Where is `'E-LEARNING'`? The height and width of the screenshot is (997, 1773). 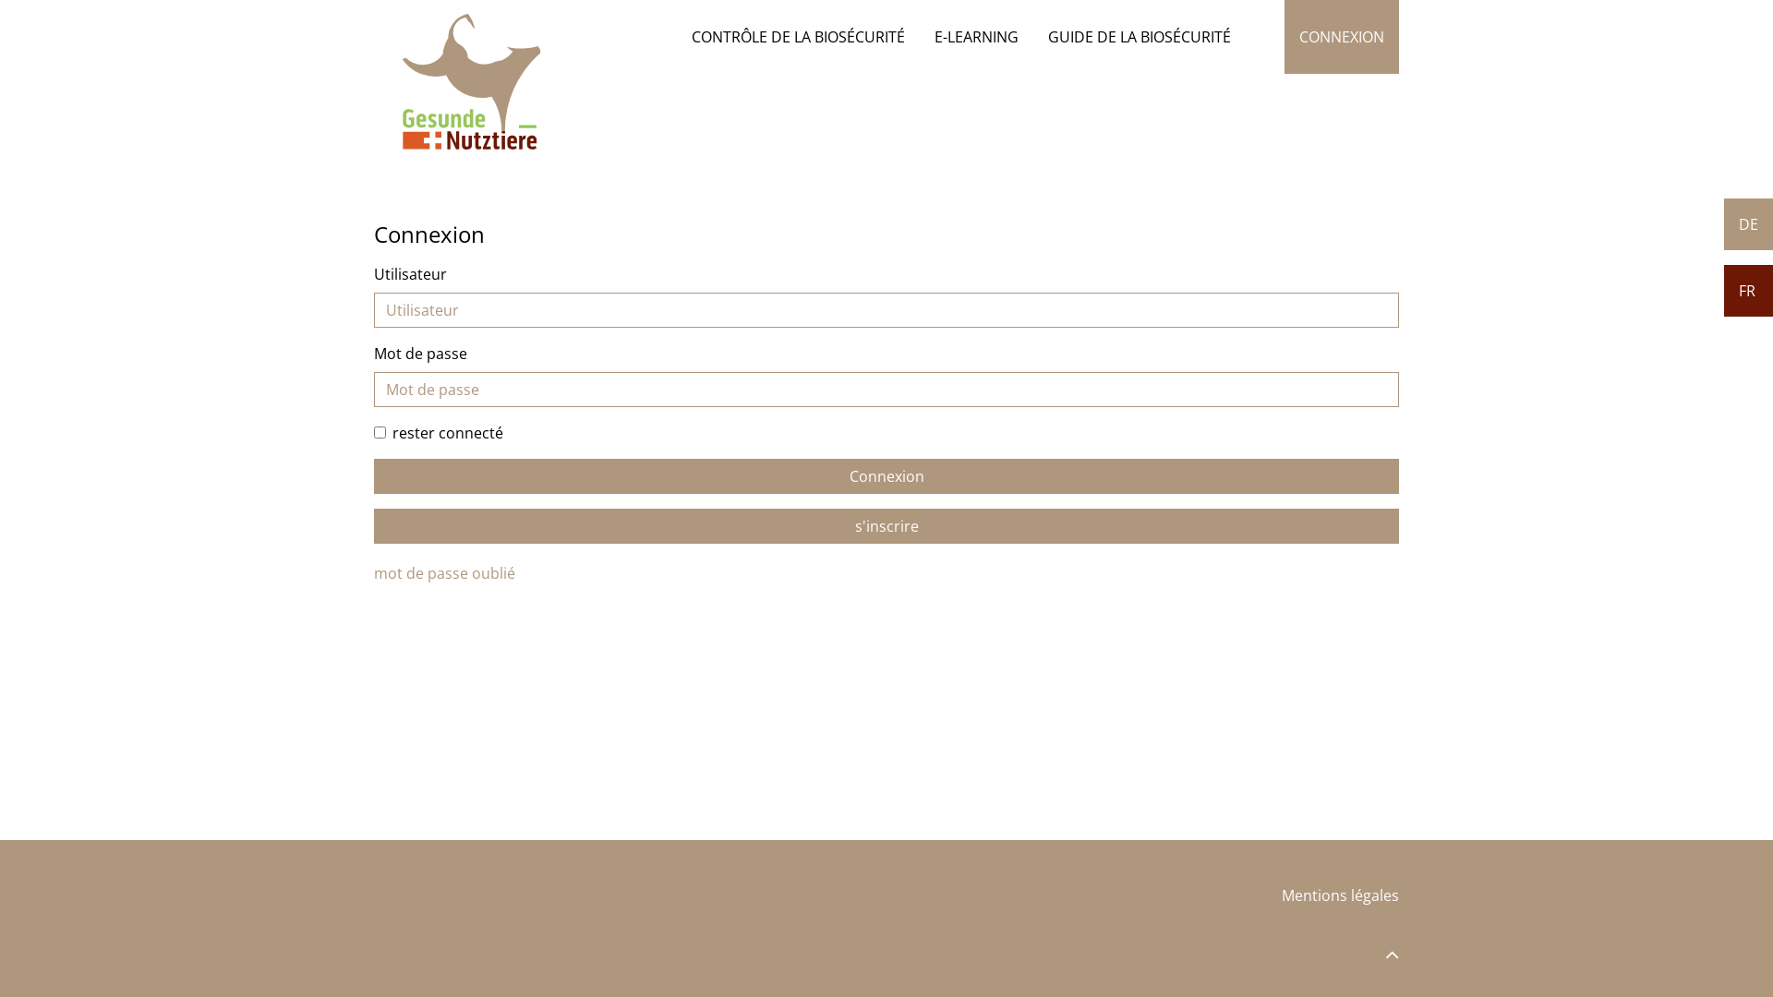 'E-LEARNING' is located at coordinates (975, 36).